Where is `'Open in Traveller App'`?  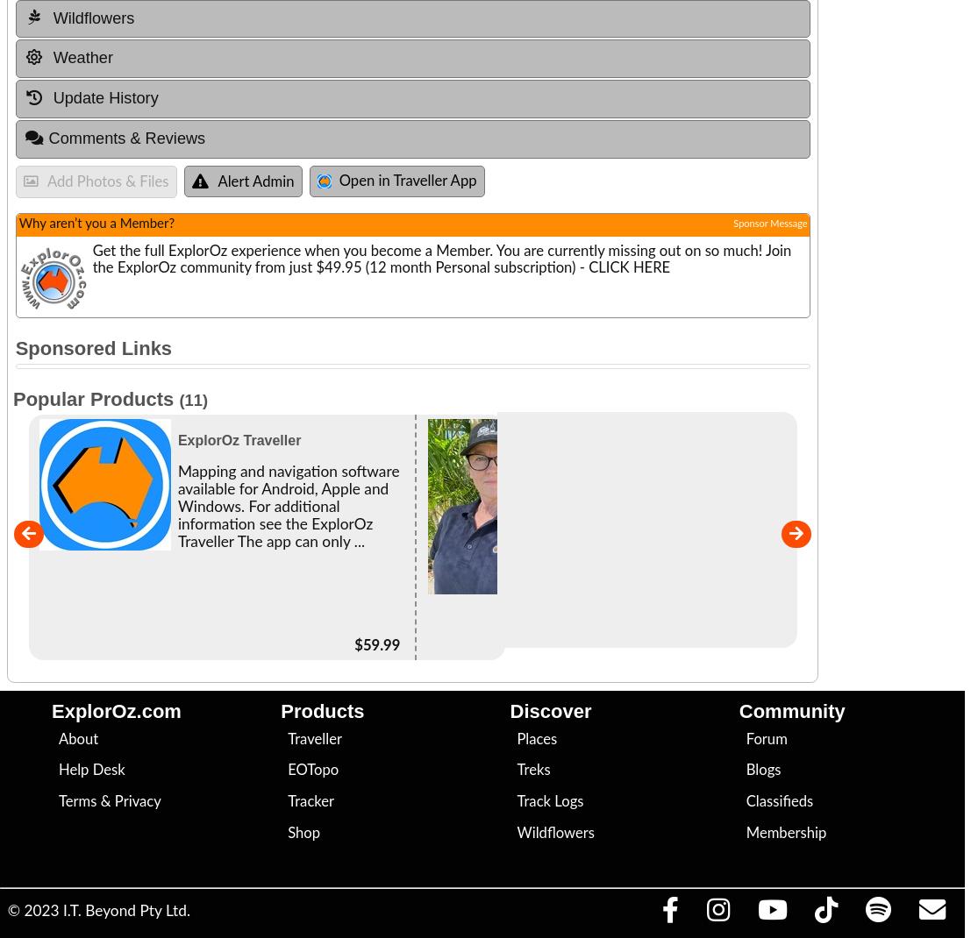 'Open in Traveller App' is located at coordinates (407, 179).